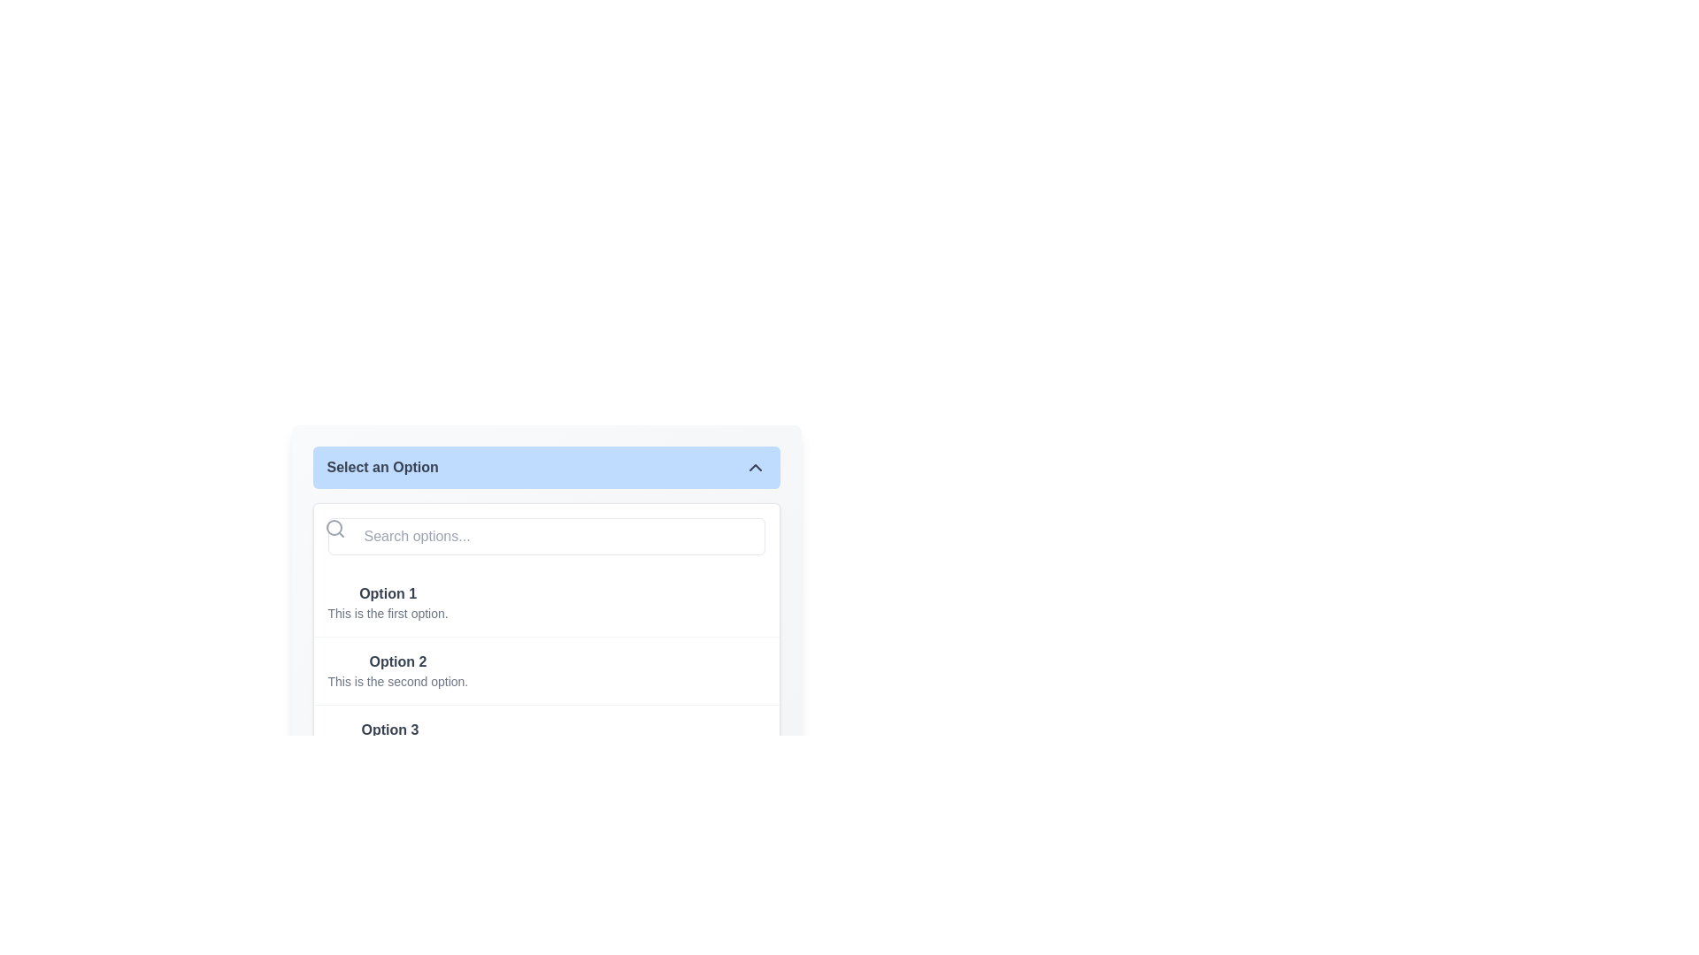 This screenshot has height=955, width=1699. What do you see at coordinates (387, 602) in the screenshot?
I see `the first list item 'Option 1' in the 'Select an Option' drop-down` at bounding box center [387, 602].